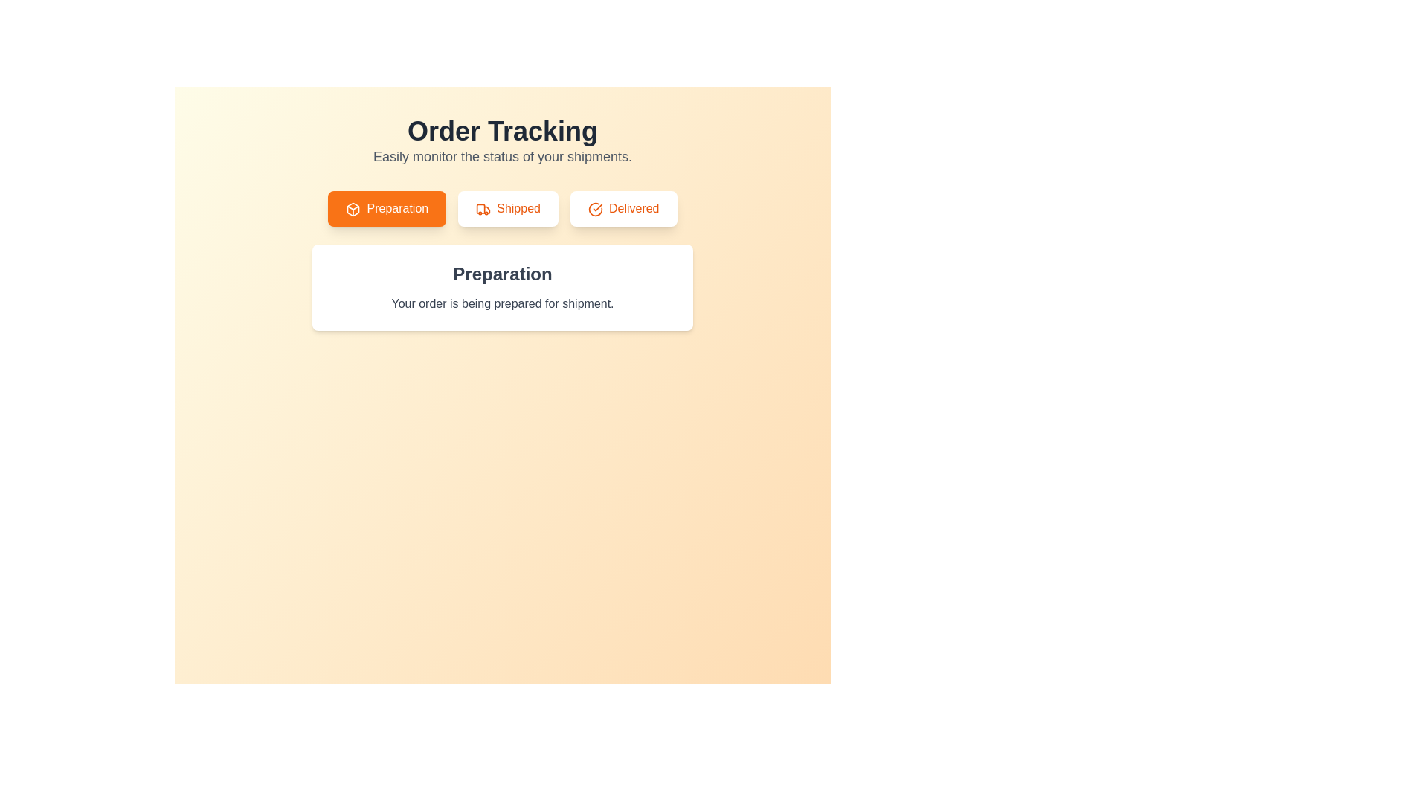  Describe the element at coordinates (386, 209) in the screenshot. I see `the tab labeled Preparation` at that location.